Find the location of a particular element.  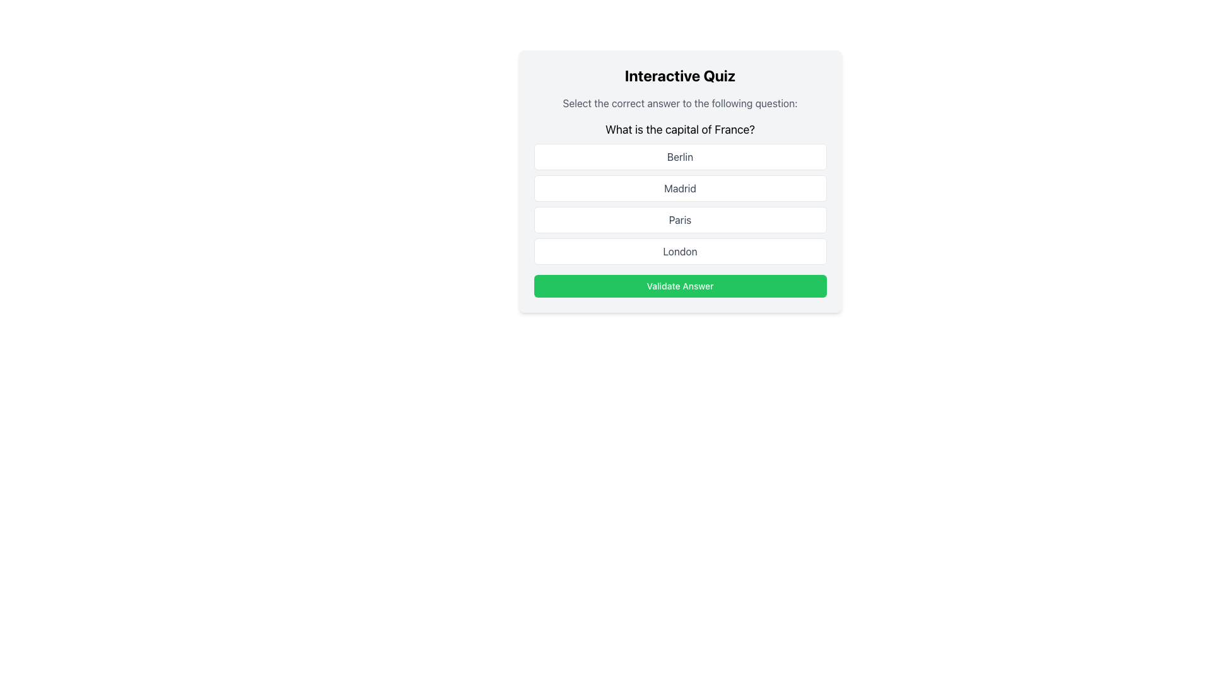

the rectangular button labeled 'Berlin' with rounded corners, located at the top of a vertical list of options is located at coordinates (679, 156).